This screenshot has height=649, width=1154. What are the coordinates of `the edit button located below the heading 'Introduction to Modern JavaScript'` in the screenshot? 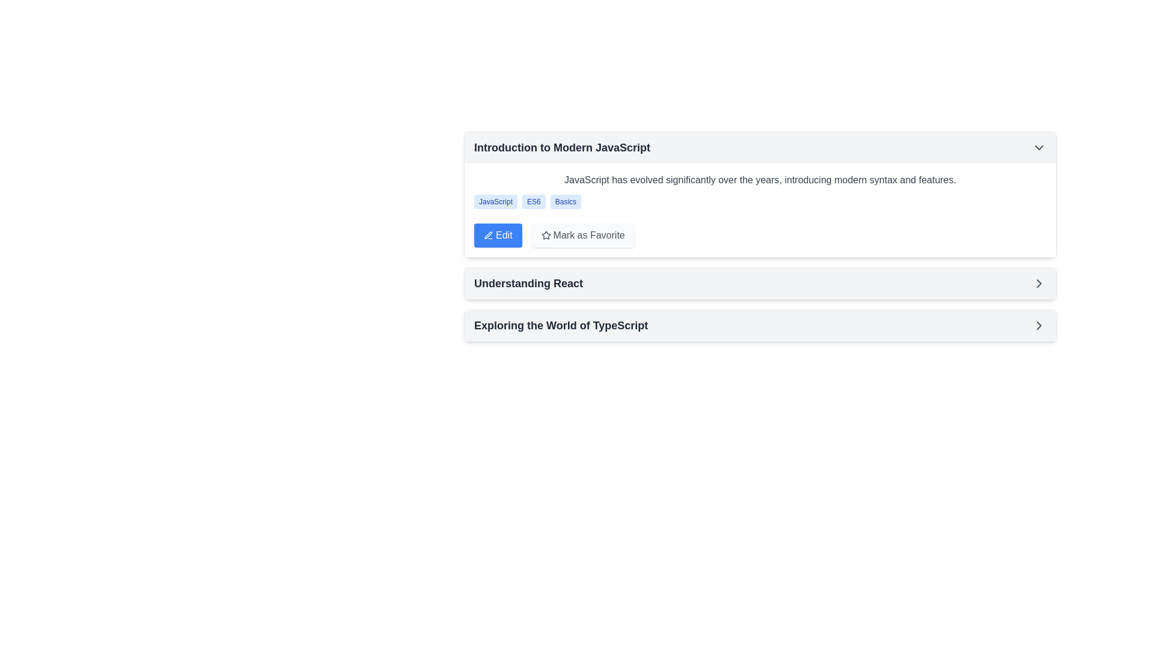 It's located at (498, 236).